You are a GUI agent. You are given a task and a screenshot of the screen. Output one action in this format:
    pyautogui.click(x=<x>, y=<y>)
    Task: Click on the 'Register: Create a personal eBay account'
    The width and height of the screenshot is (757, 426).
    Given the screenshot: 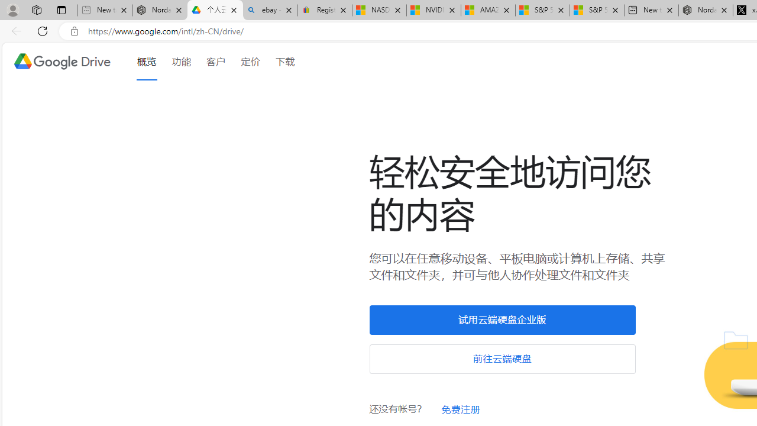 What is the action you would take?
    pyautogui.click(x=325, y=10)
    